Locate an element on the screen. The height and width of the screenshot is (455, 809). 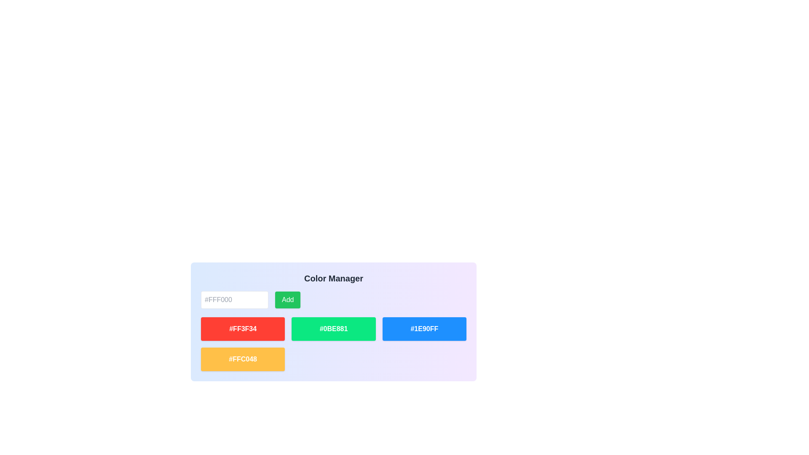
the text label that represents a color code, located in the bottom-left corner of the grid beneath the red element labeled '#FF3F34' is located at coordinates (242, 359).